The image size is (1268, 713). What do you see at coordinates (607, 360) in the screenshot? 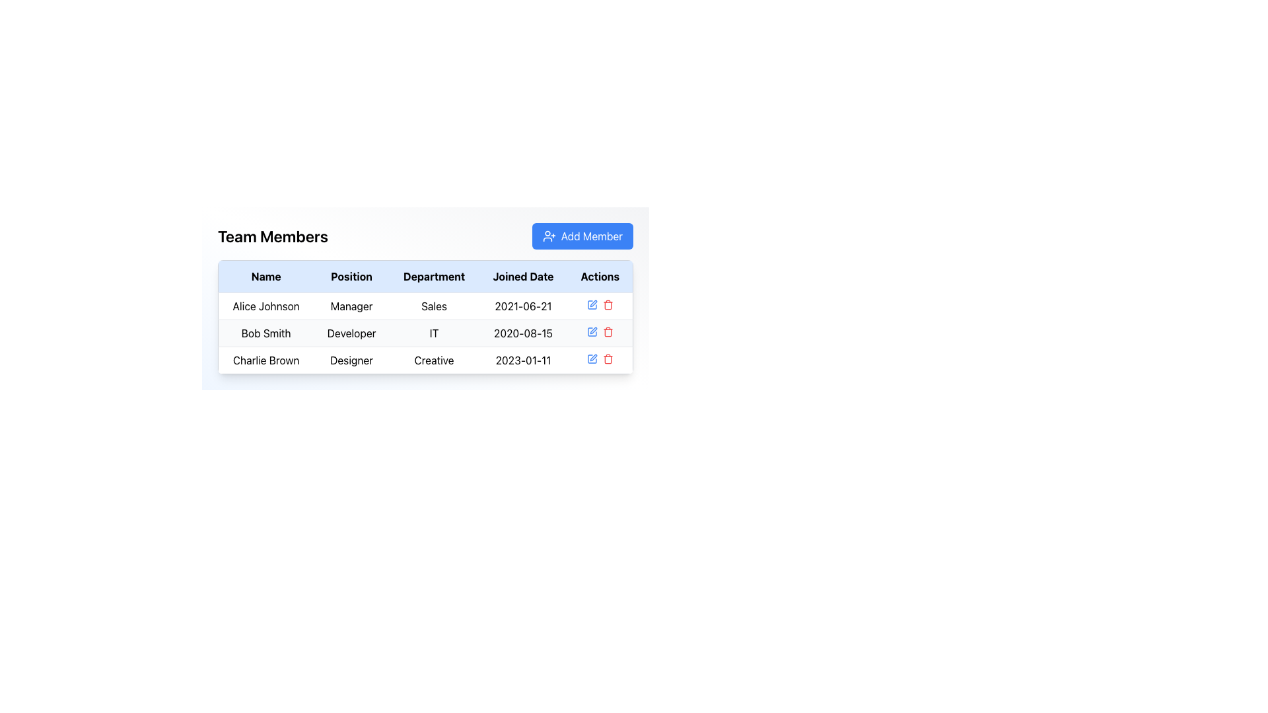
I see `the delete icon in the 'Actions' column for the row labeled 'Charlie Brown', which is the second graphical component of the SVG representing a trash icon` at bounding box center [607, 360].